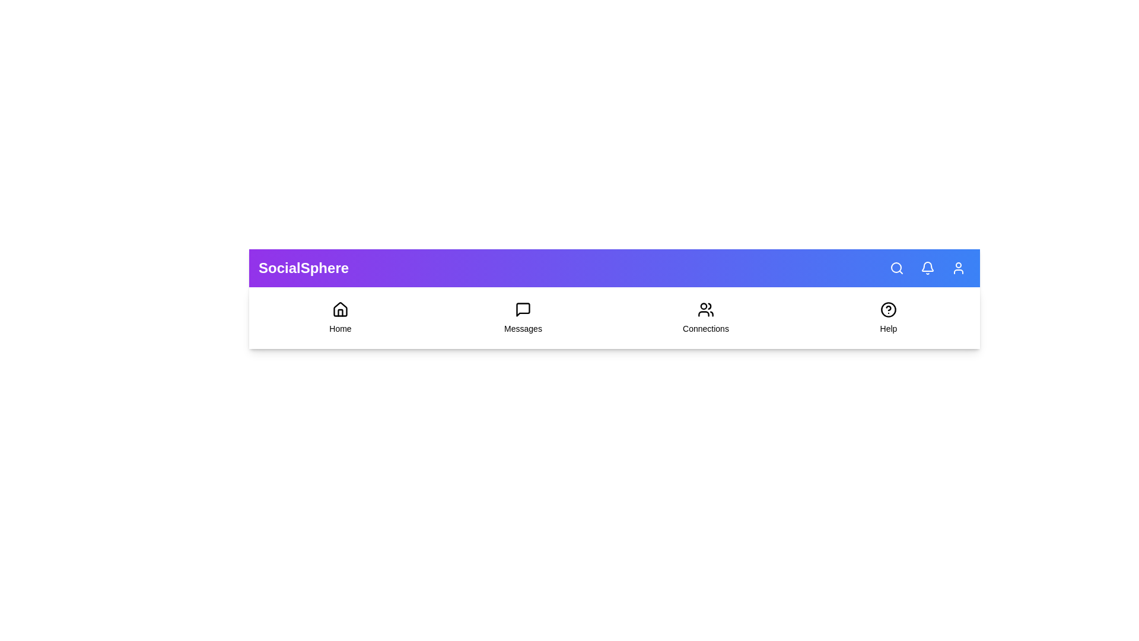  What do you see at coordinates (340, 318) in the screenshot?
I see `the 'Home' menu item in the navigation bar` at bounding box center [340, 318].